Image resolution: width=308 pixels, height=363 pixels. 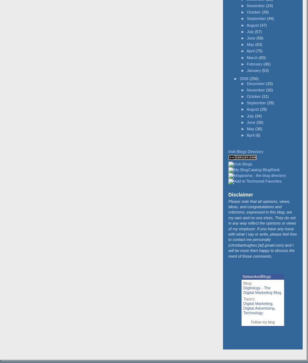 I want to click on 'Disclaimer', so click(x=240, y=194).